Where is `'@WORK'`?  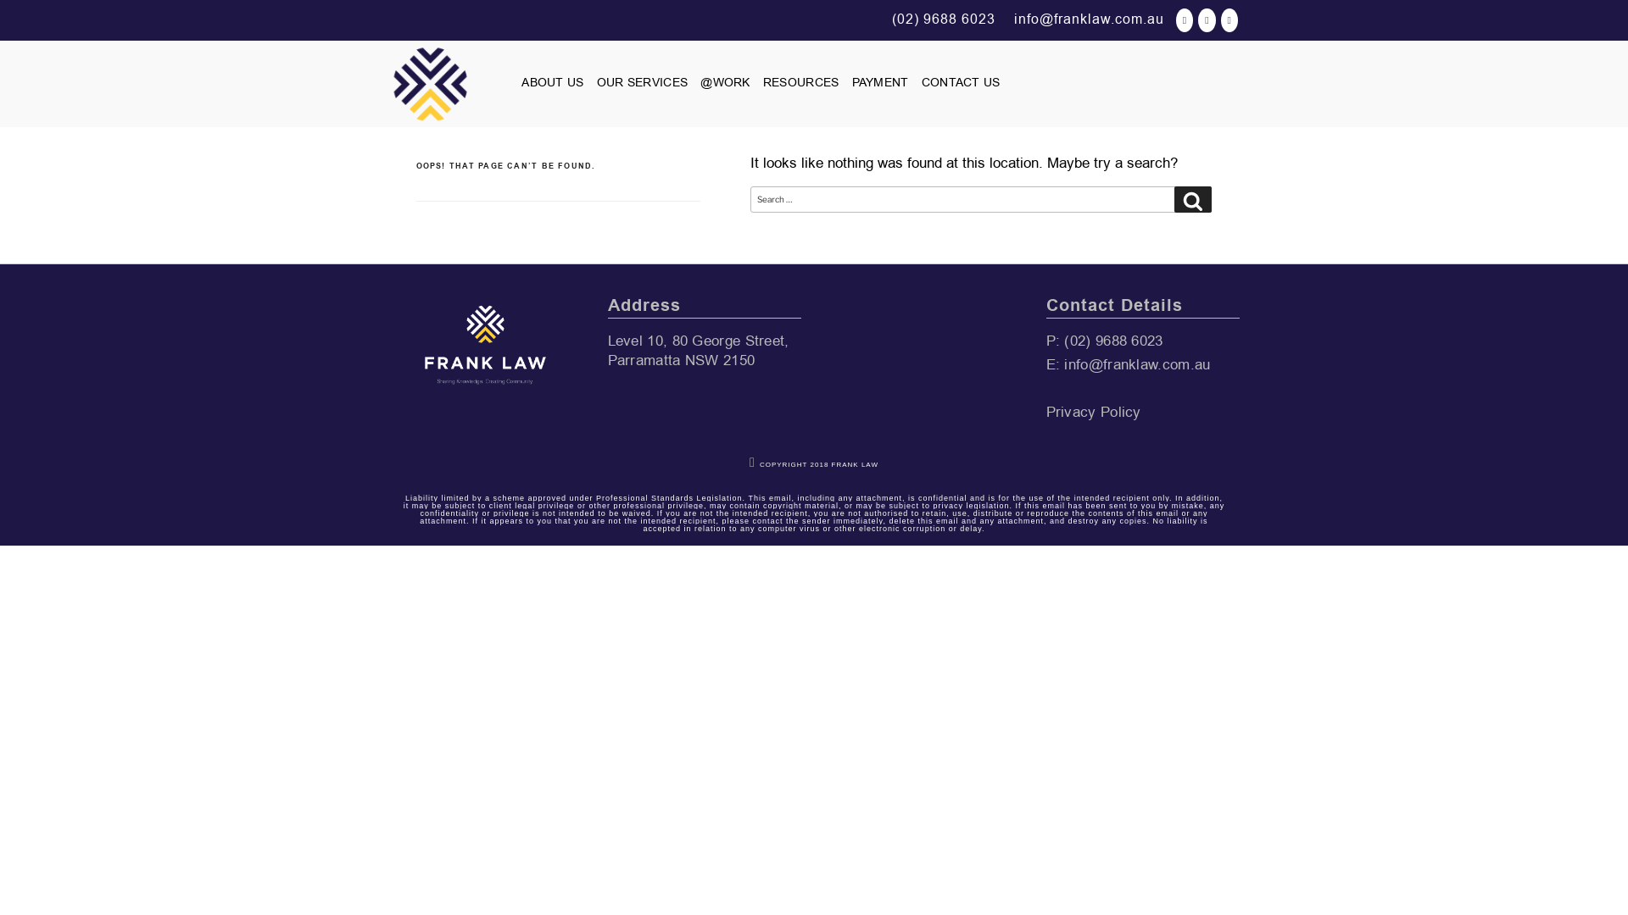 '@WORK' is located at coordinates (725, 83).